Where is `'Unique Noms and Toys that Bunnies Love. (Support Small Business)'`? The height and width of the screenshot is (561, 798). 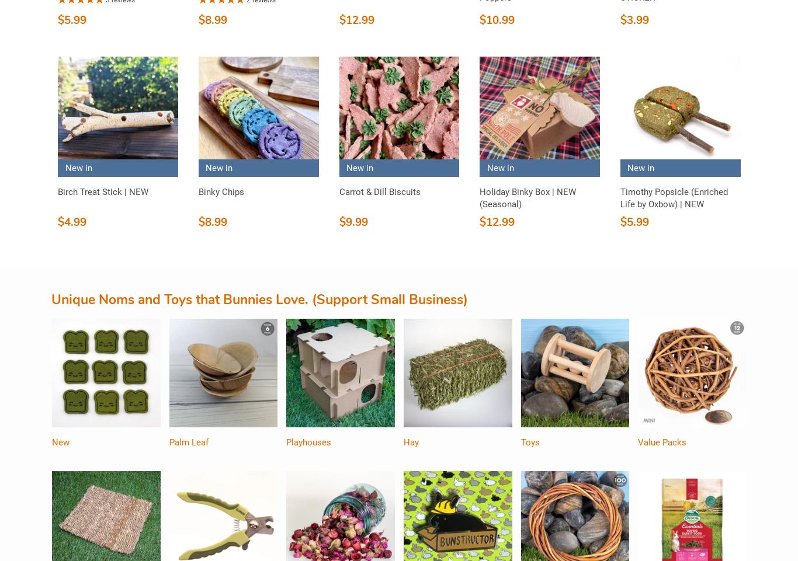
'Unique Noms and Toys that Bunnies Love. (Support Small Business)' is located at coordinates (259, 299).